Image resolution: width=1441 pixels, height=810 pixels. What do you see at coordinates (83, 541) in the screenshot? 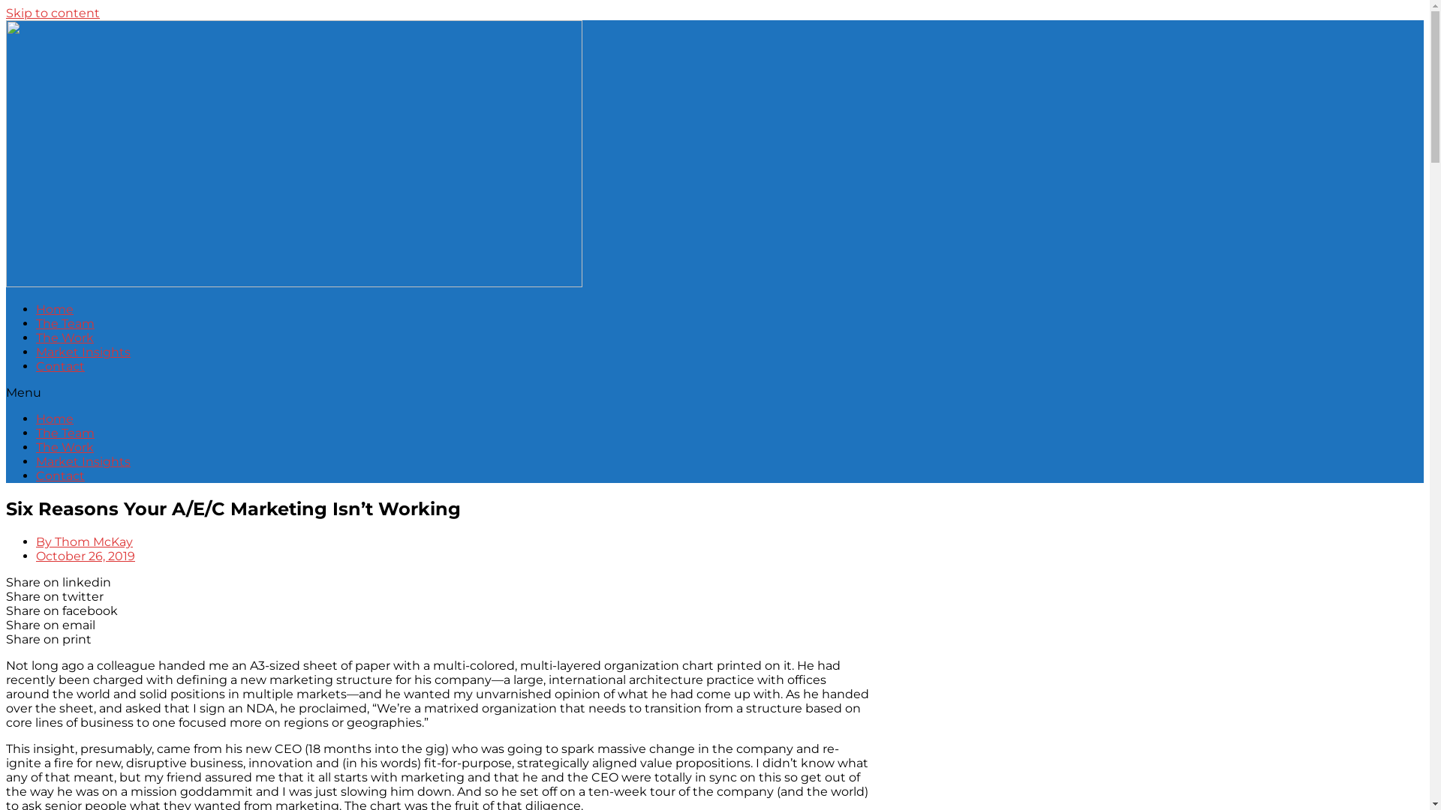
I see `'By Thom McKay'` at bounding box center [83, 541].